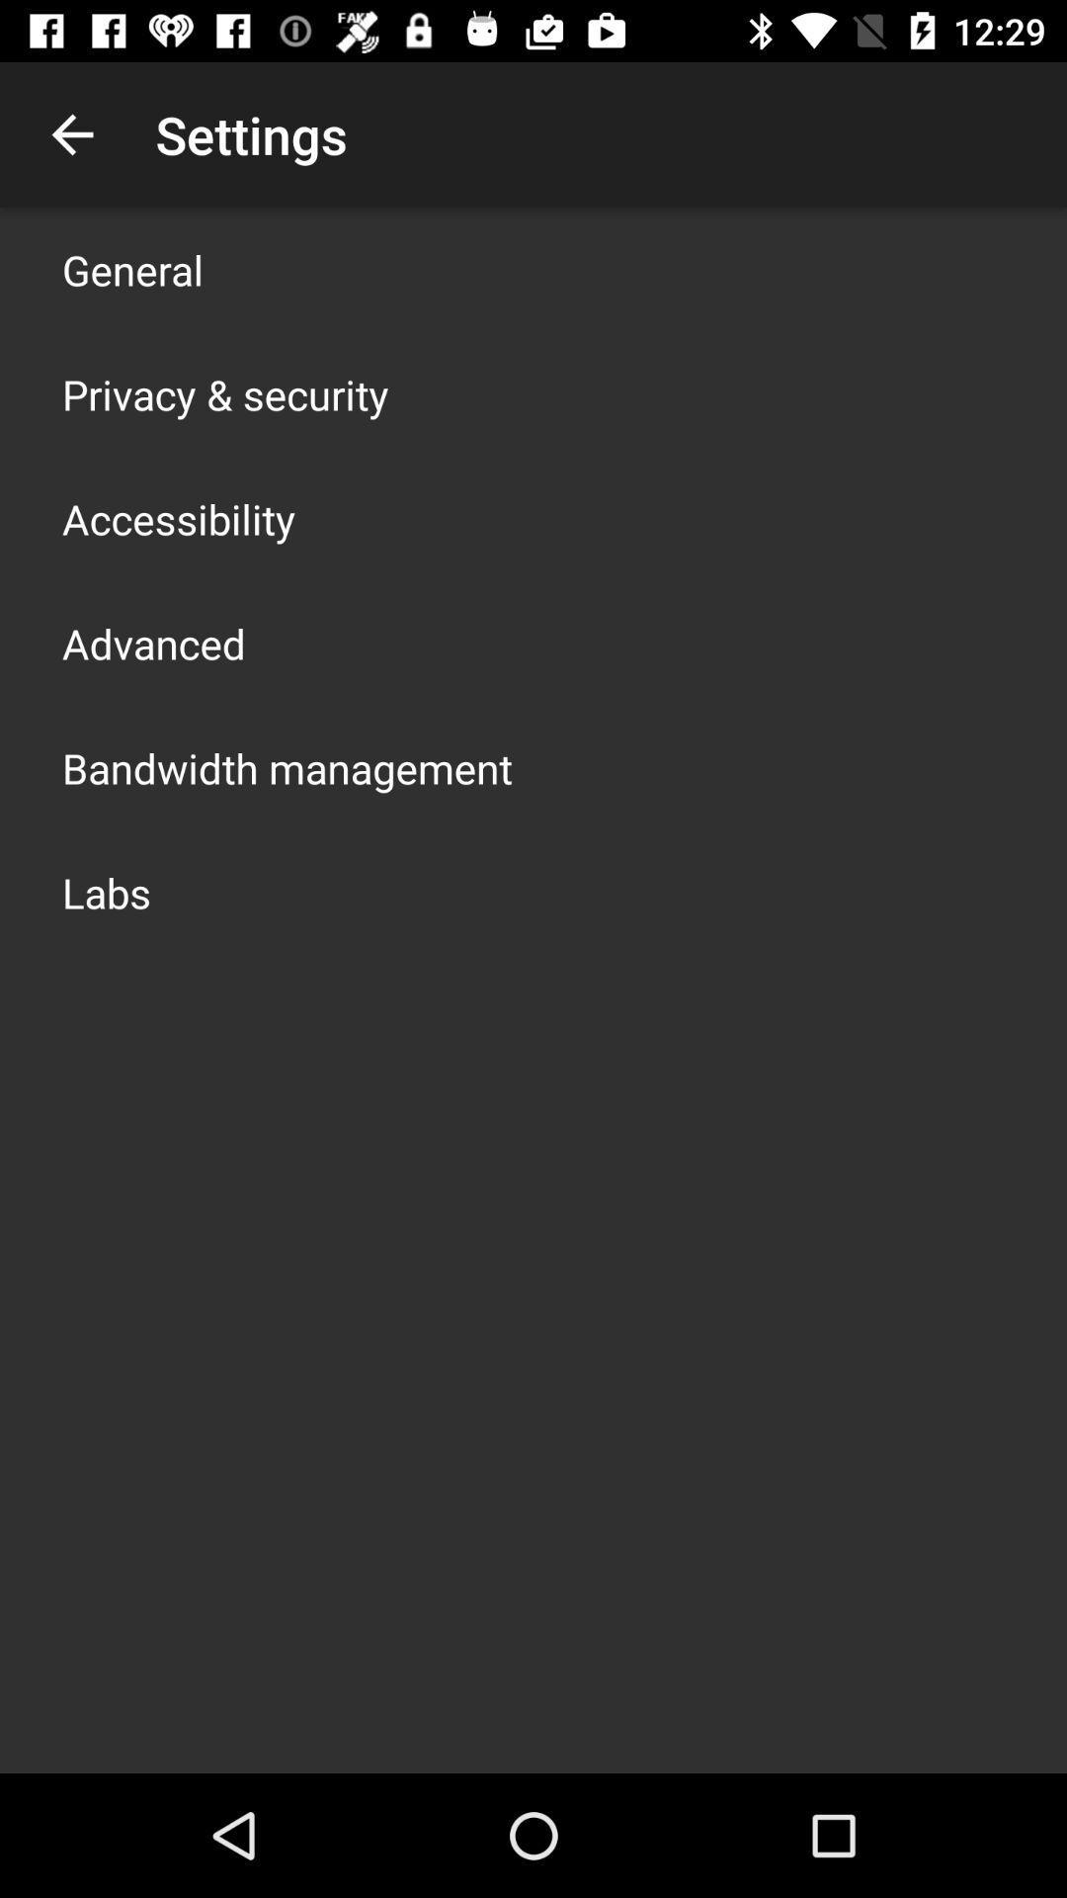 The height and width of the screenshot is (1898, 1067). I want to click on bandwidth management icon, so click(287, 767).